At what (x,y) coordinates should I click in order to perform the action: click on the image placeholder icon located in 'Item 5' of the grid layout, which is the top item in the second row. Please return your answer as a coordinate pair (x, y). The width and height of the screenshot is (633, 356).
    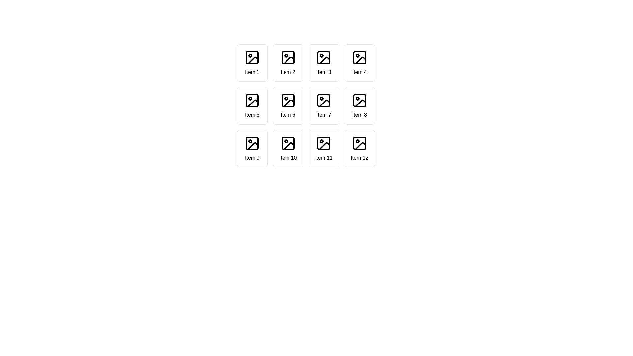
    Looking at the image, I should click on (252, 100).